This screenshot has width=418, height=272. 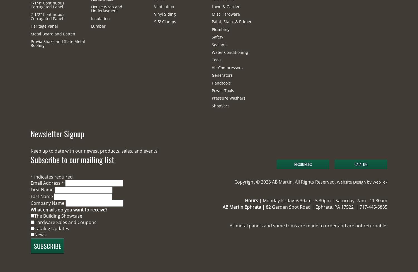 What do you see at coordinates (165, 14) in the screenshot?
I see `'Vinyl Siding'` at bounding box center [165, 14].